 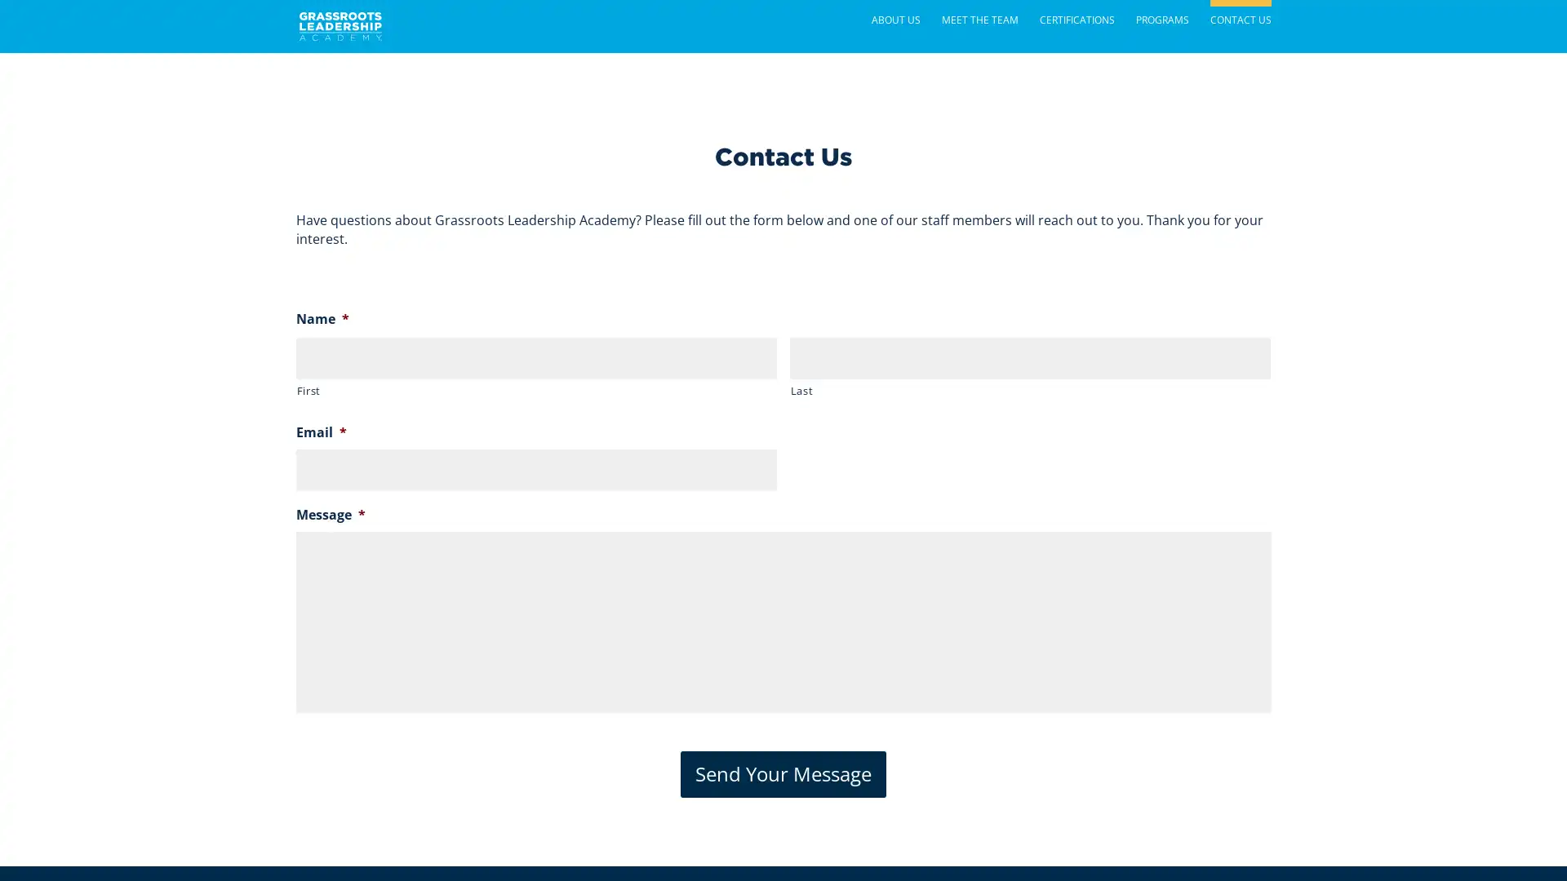 What do you see at coordinates (783, 773) in the screenshot?
I see `Send Your Message` at bounding box center [783, 773].